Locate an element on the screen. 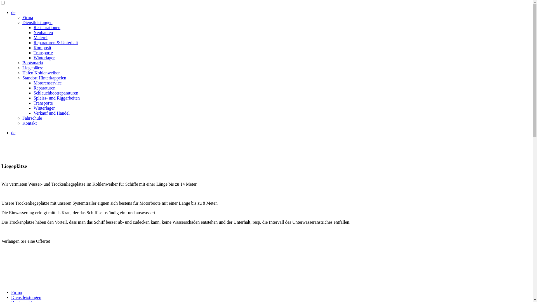 This screenshot has height=302, width=537. 'Schlauchbootreparaturen' is located at coordinates (33, 93).